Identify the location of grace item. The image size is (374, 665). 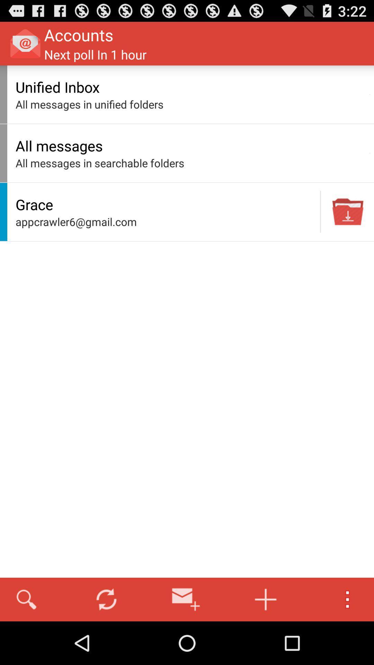
(166, 204).